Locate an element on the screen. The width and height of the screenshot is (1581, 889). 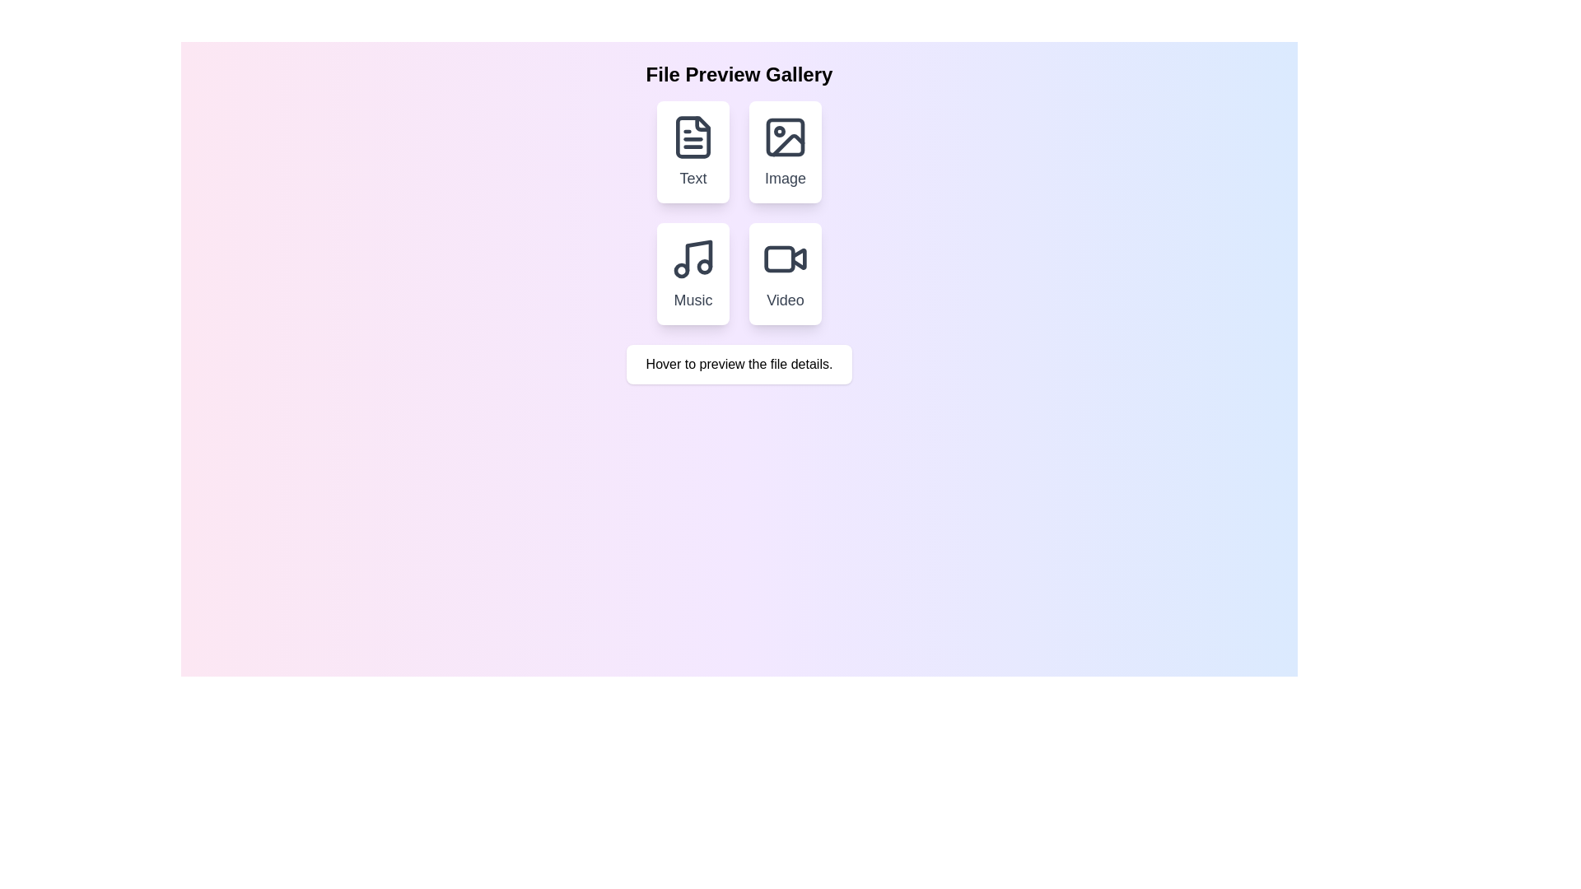
the top-left icon representing a text document located in the card labeled 'Text' under the 'File Preview Gallery' heading is located at coordinates (693, 136).